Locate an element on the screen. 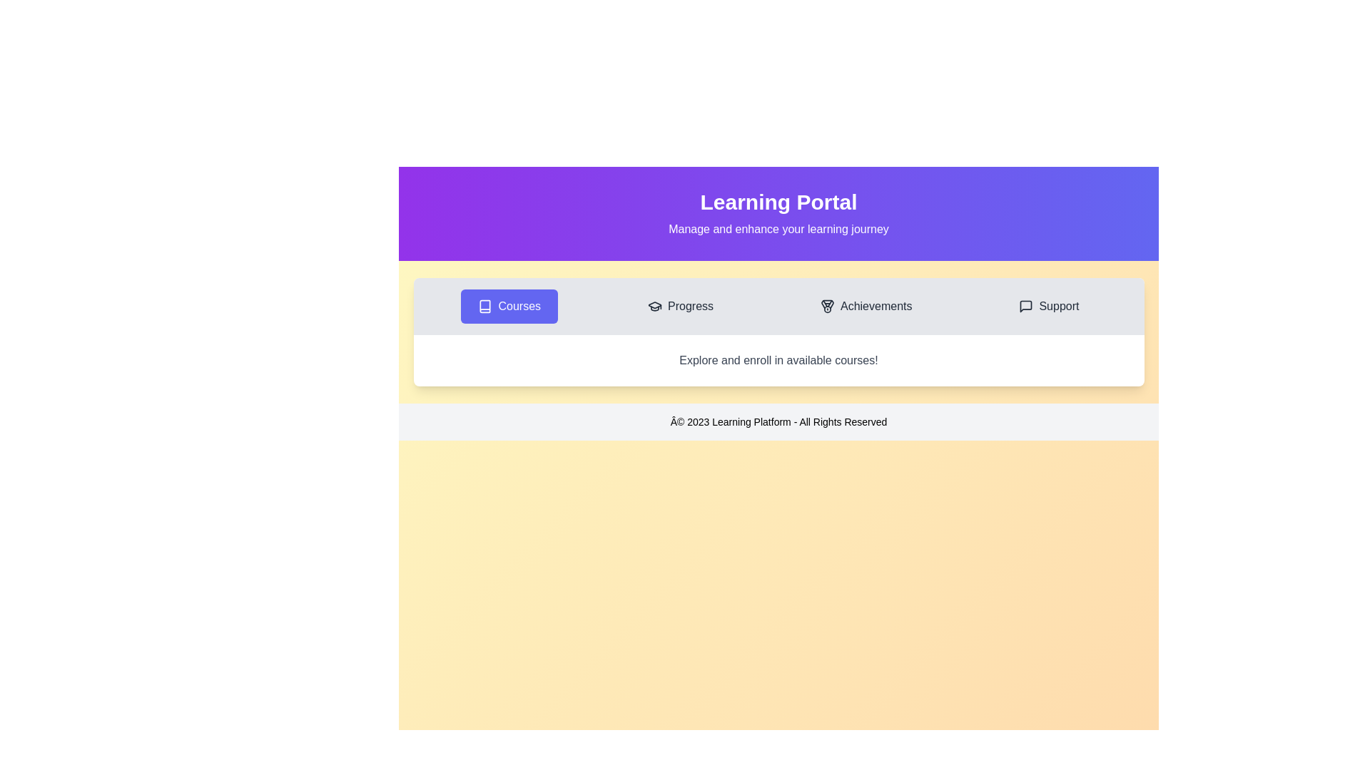 This screenshot has height=770, width=1370. the static text label displaying '© 2023 Learning Platform - All Rights Reserved' located at the bottom of the webpage, centered within the footer section is located at coordinates (778, 421).